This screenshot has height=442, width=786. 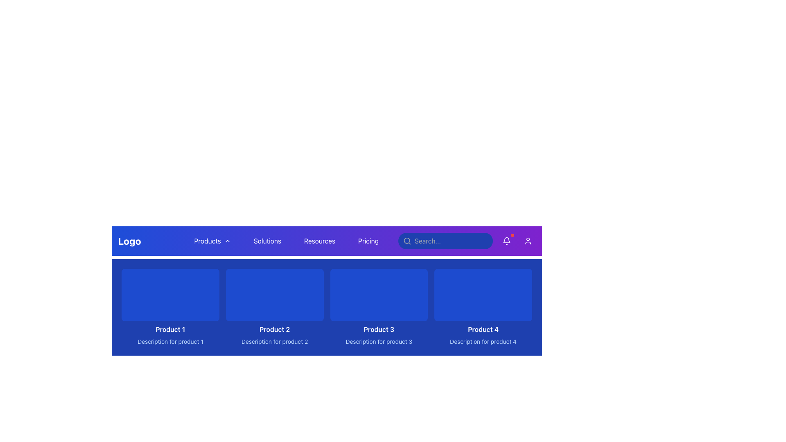 I want to click on the button located in the navigation menu that is positioned between 'Products' and 'Resources' to change its background color, so click(x=267, y=241).